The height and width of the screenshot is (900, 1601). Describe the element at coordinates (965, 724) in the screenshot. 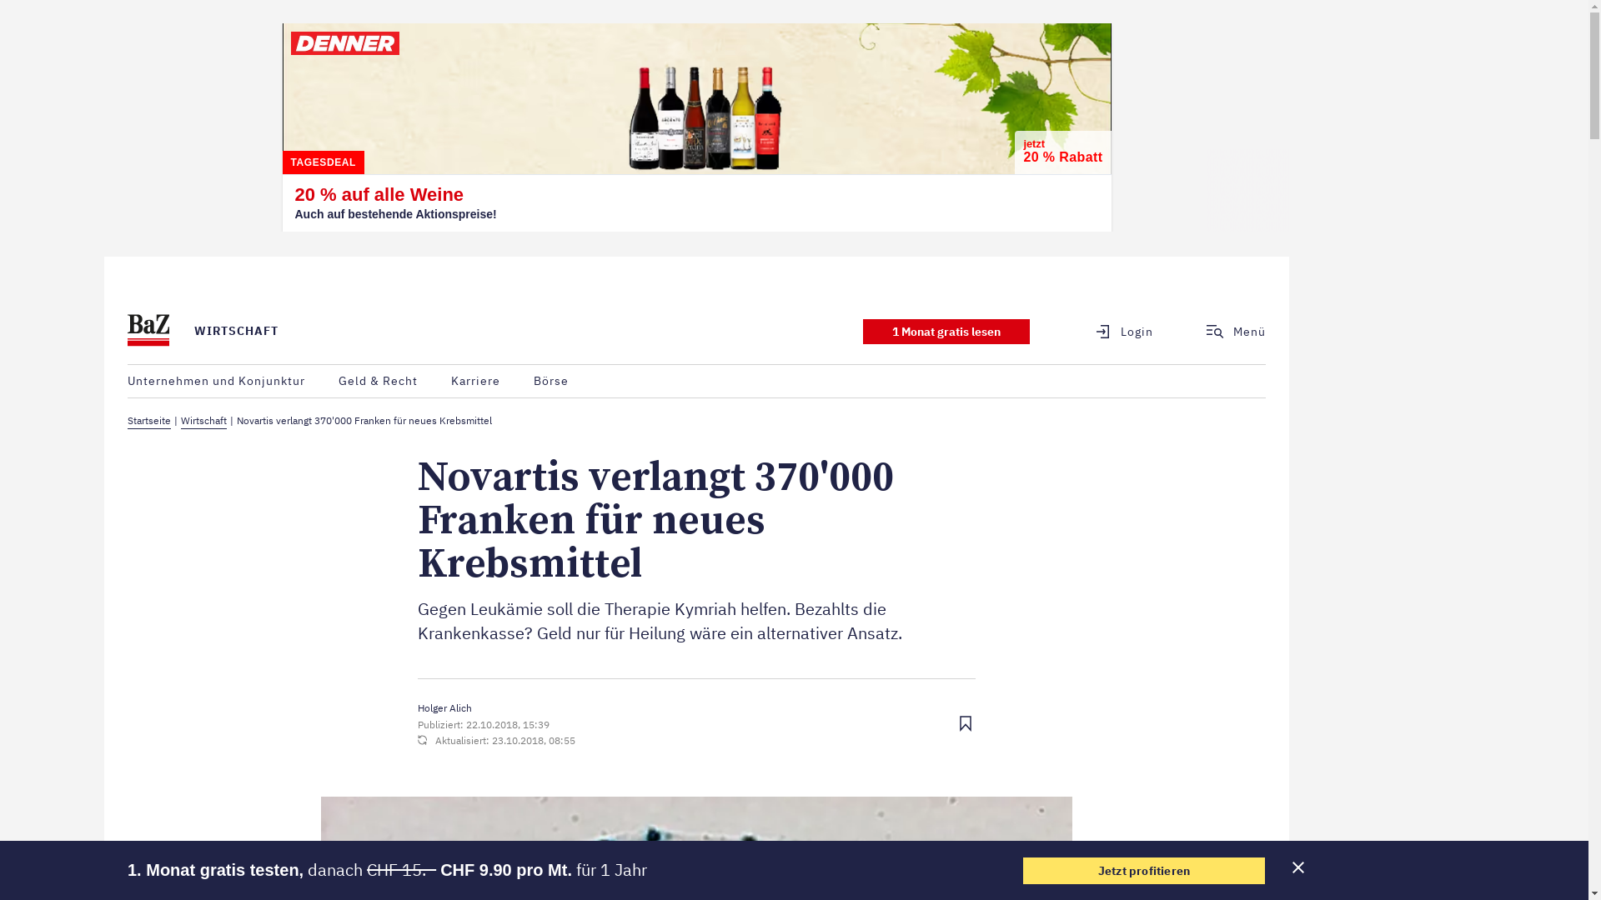

I see `'Artikel merken'` at that location.